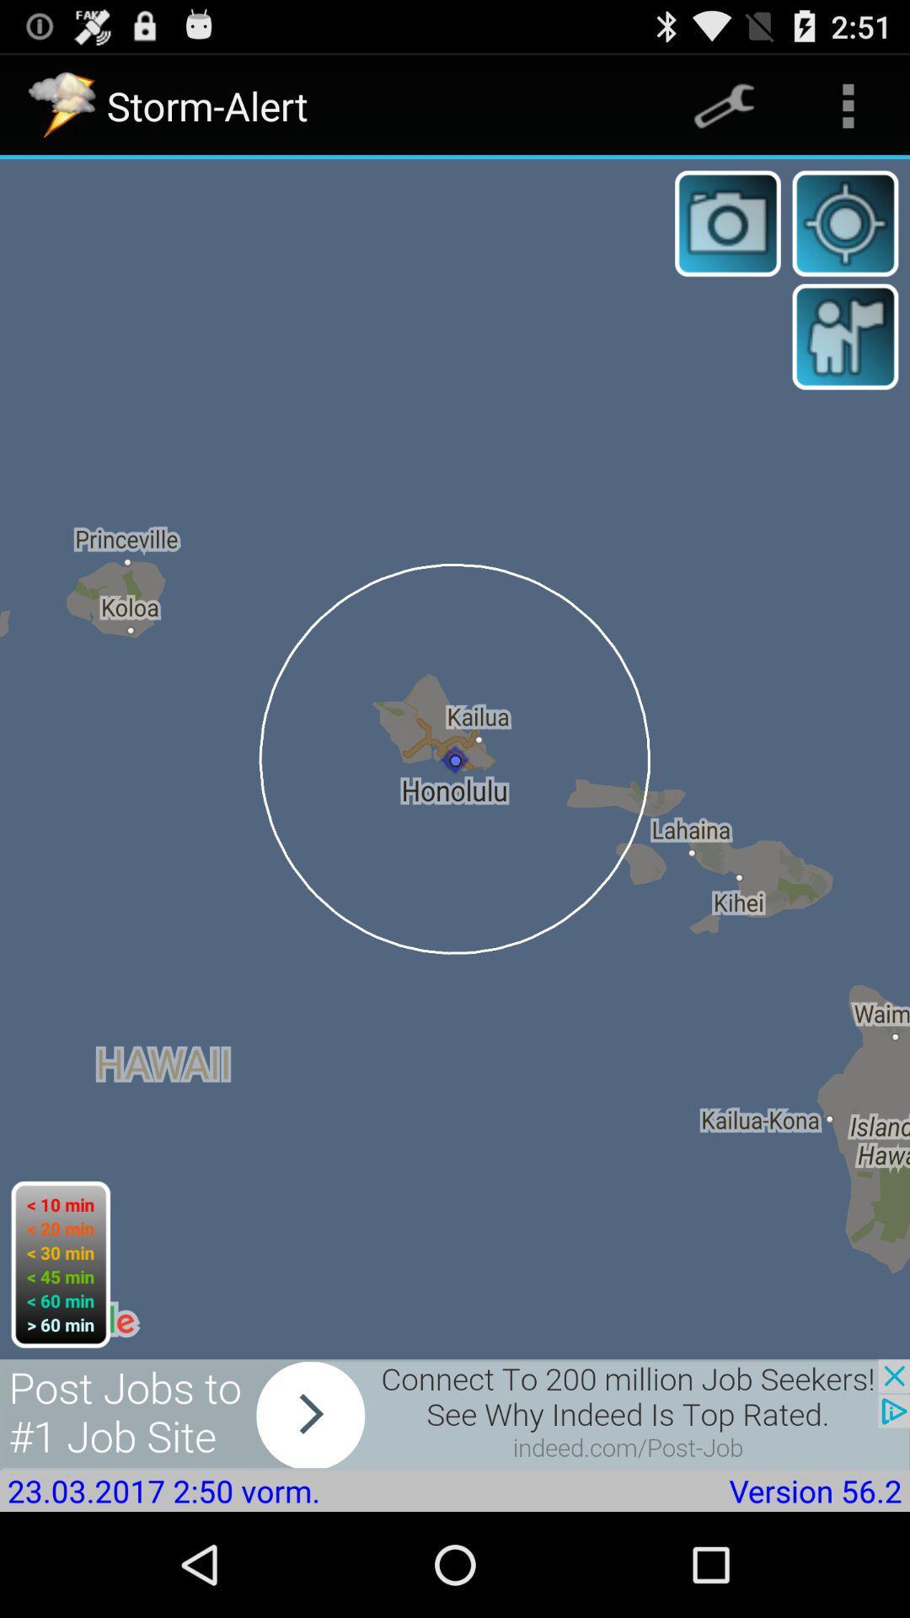 Image resolution: width=910 pixels, height=1618 pixels. Describe the element at coordinates (727, 222) in the screenshot. I see `takes a photo` at that location.